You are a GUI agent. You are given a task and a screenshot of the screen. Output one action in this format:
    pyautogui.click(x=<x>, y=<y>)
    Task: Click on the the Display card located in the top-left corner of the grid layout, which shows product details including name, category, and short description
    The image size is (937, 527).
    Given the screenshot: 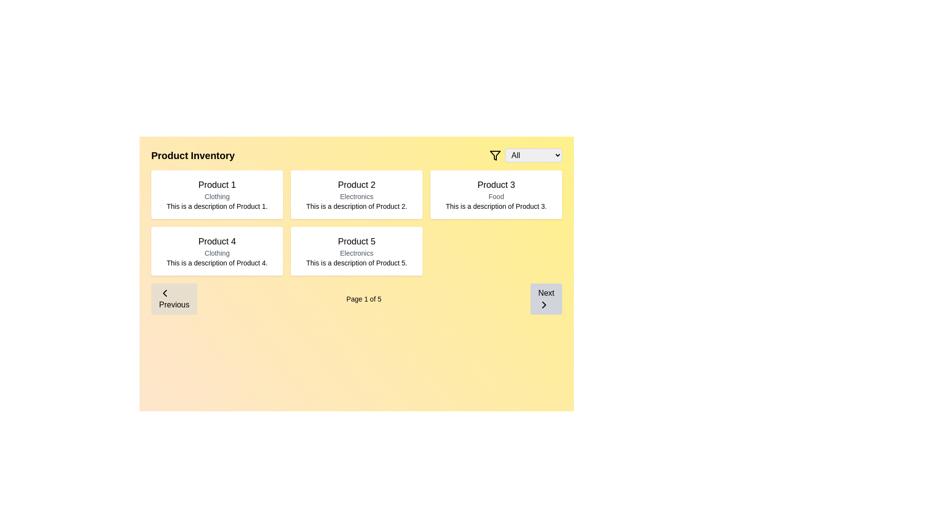 What is the action you would take?
    pyautogui.click(x=217, y=194)
    